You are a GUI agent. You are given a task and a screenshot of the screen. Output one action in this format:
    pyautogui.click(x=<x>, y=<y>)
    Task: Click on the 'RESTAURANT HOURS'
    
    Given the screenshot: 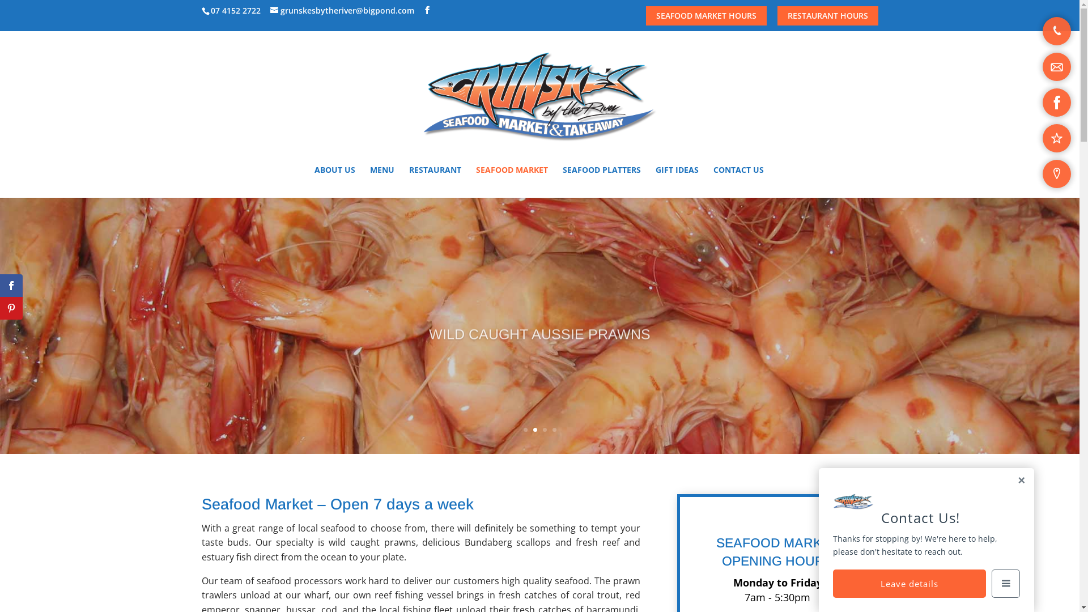 What is the action you would take?
    pyautogui.click(x=827, y=15)
    